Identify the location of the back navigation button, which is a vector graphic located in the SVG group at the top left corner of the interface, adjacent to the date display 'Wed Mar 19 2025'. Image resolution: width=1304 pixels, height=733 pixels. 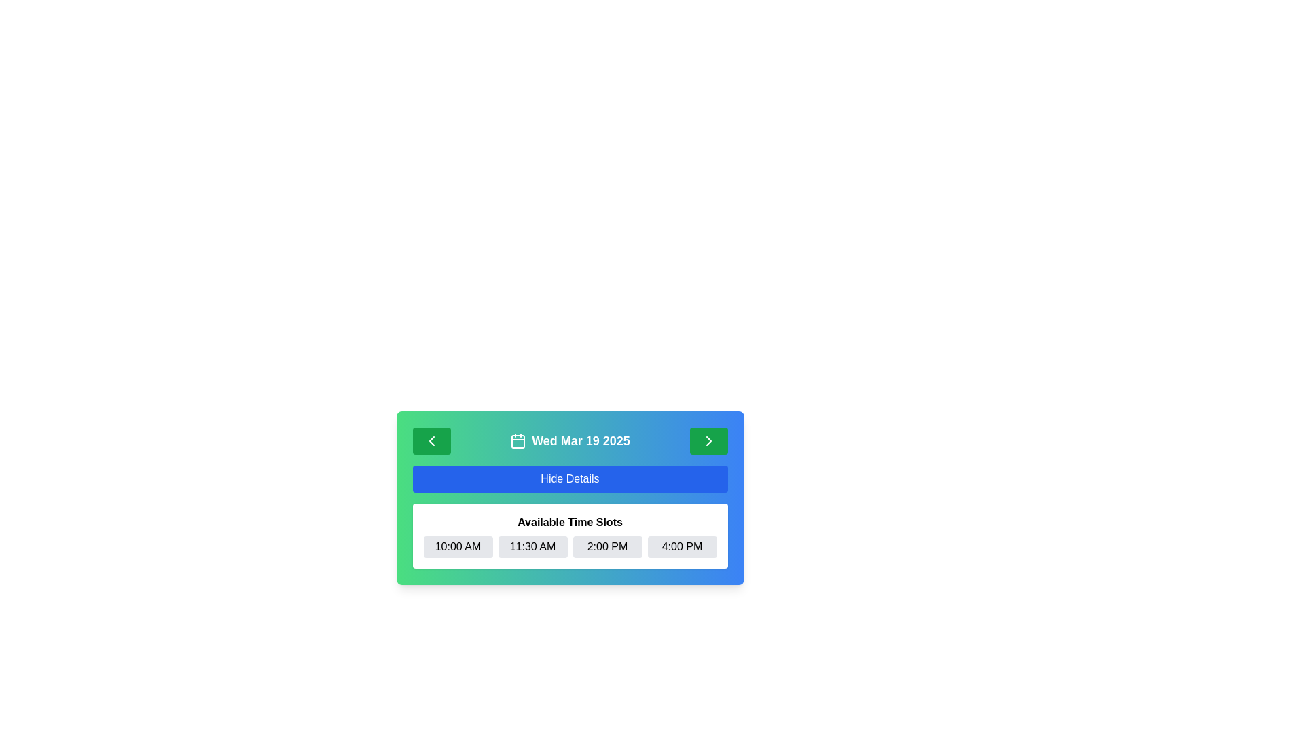
(431, 441).